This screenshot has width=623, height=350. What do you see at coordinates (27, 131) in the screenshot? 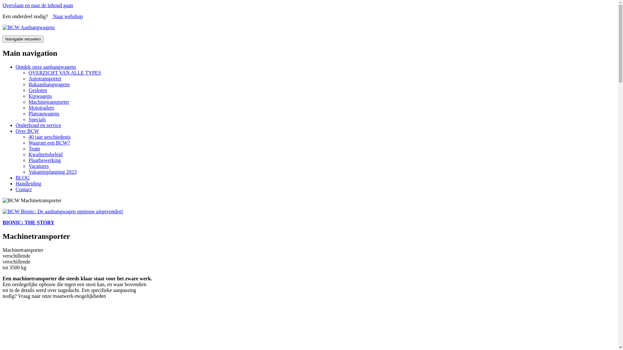
I see `'Over BCW'` at bounding box center [27, 131].